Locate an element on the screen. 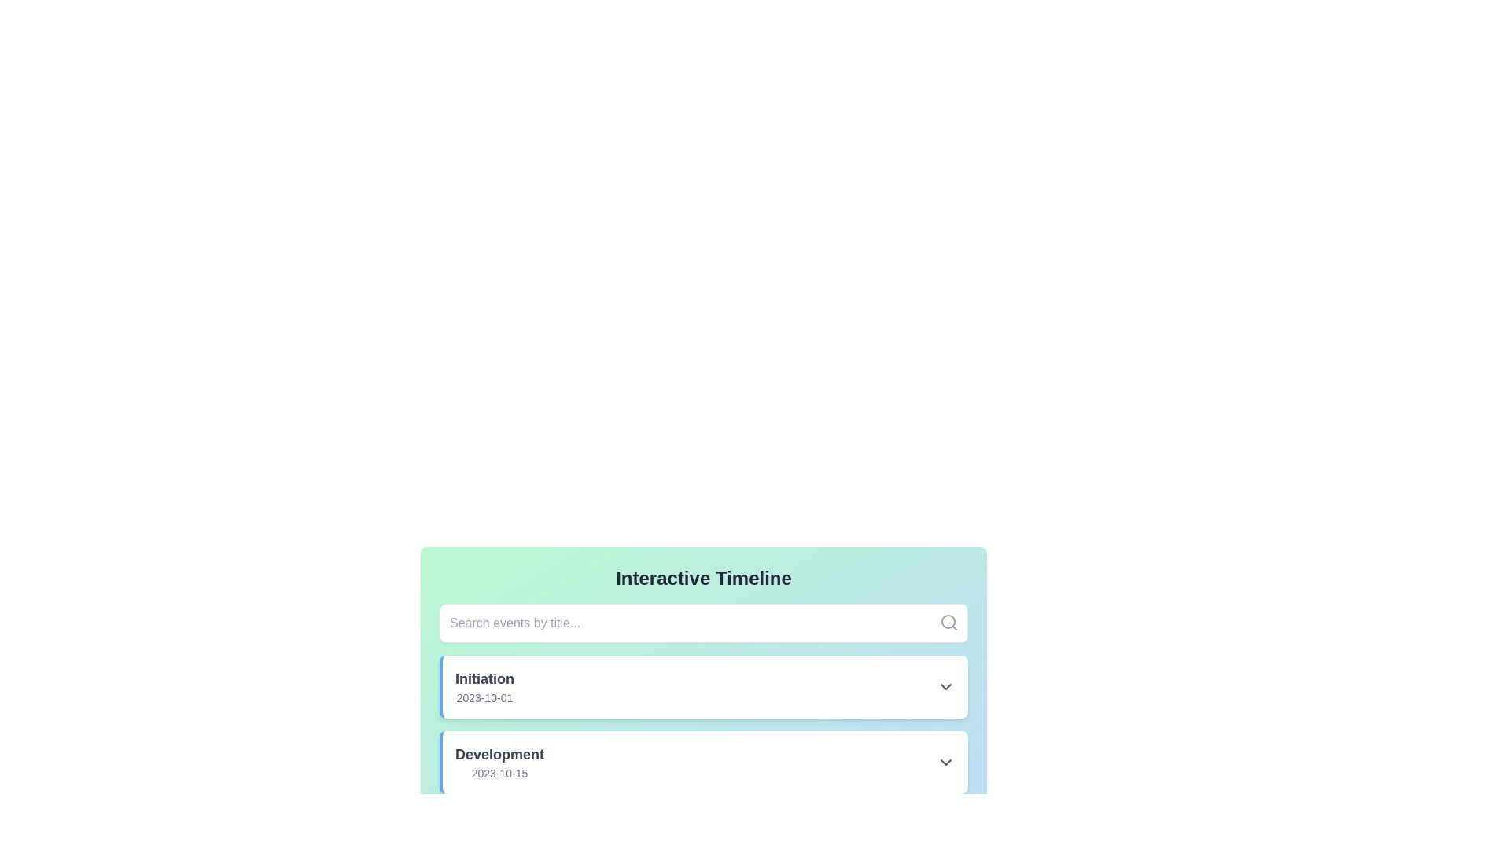  the text label that serves as the title for the second card in the vertical list, positioned above the date '2023-10-15' is located at coordinates (499, 754).